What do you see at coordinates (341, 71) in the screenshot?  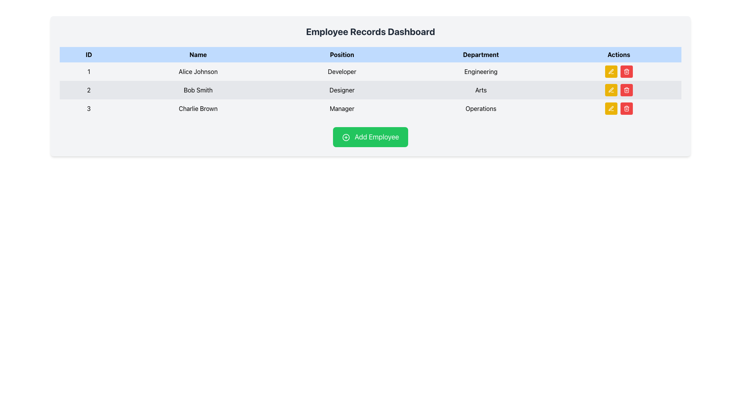 I see `the text label displaying 'Developer' in the 'Position' column for the employee 'Alice Johnson' in the 'Employee Records Dashboard' table` at bounding box center [341, 71].